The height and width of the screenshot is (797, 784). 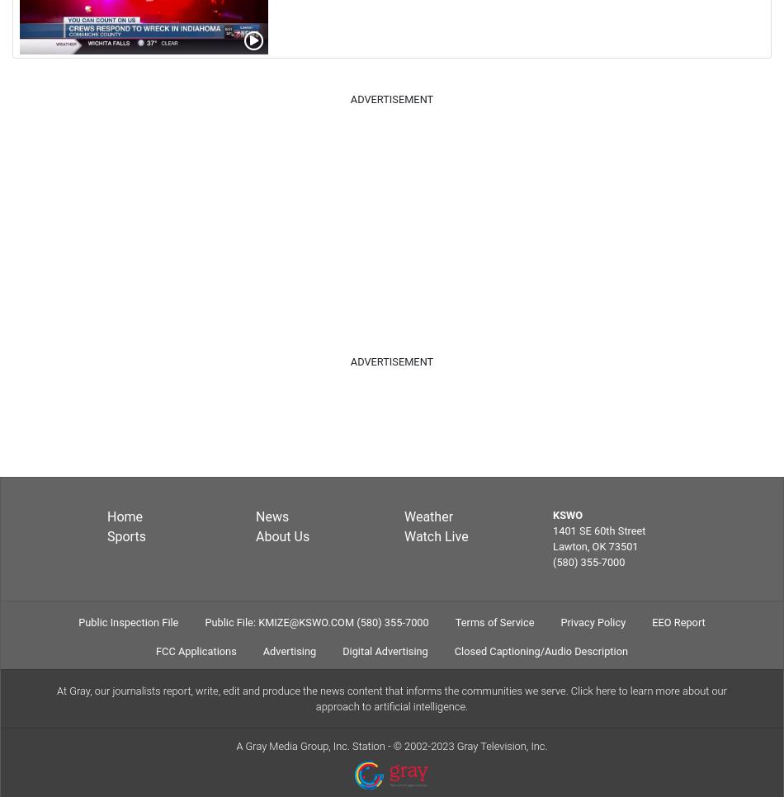 I want to click on 'A Gray Media Group, Inc. Station -', so click(x=314, y=745).